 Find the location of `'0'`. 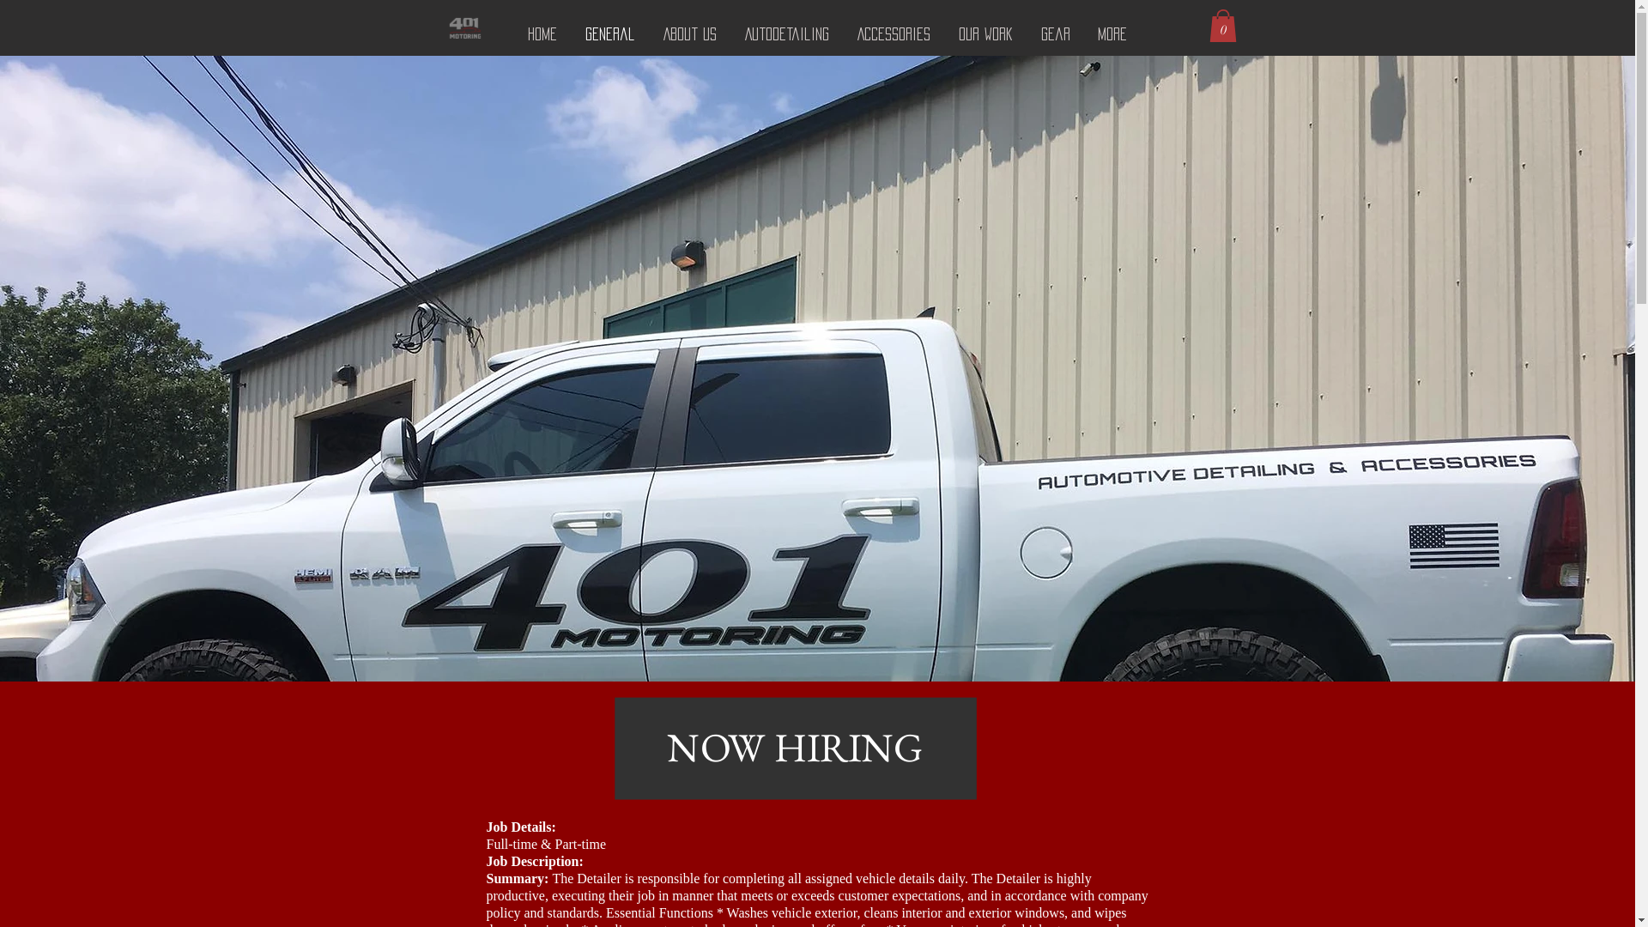

'0' is located at coordinates (1207, 26).